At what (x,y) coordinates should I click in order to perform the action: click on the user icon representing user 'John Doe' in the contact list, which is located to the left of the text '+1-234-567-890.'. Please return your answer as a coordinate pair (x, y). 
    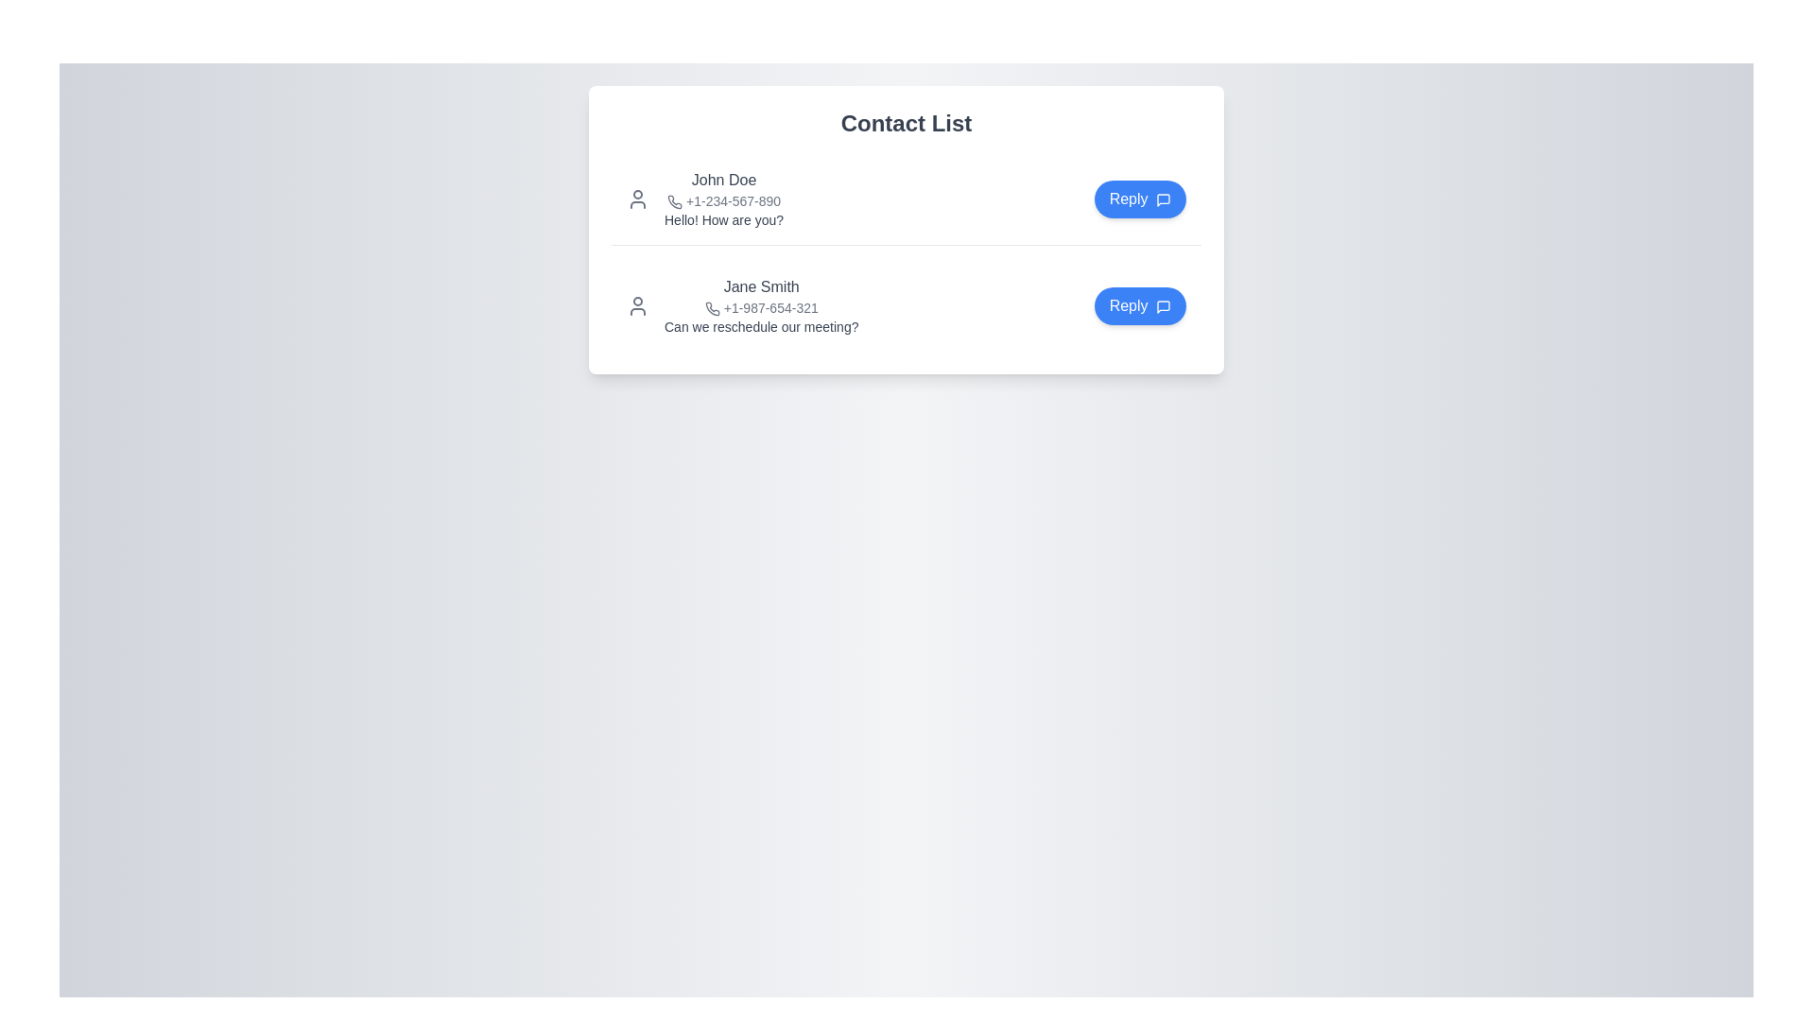
    Looking at the image, I should click on (638, 199).